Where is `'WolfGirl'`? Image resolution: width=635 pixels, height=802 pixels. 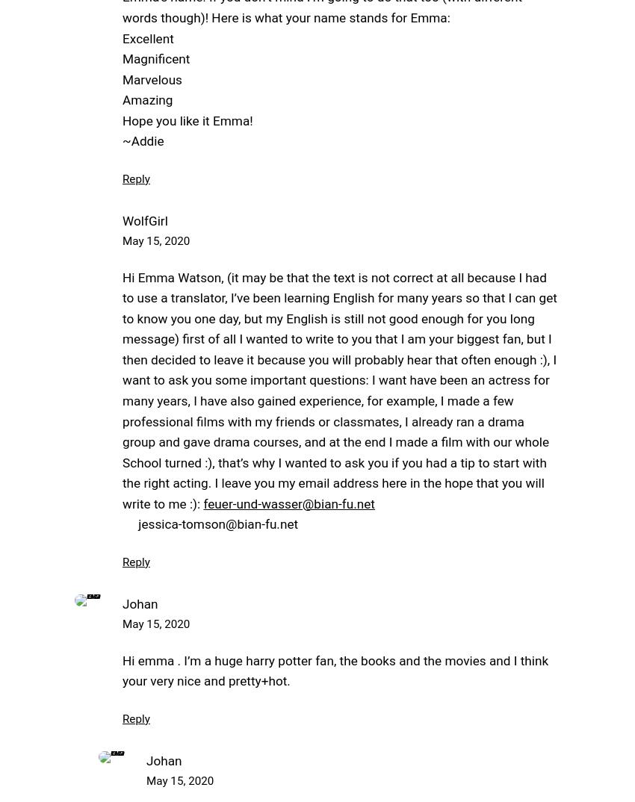
'WolfGirl' is located at coordinates (143, 220).